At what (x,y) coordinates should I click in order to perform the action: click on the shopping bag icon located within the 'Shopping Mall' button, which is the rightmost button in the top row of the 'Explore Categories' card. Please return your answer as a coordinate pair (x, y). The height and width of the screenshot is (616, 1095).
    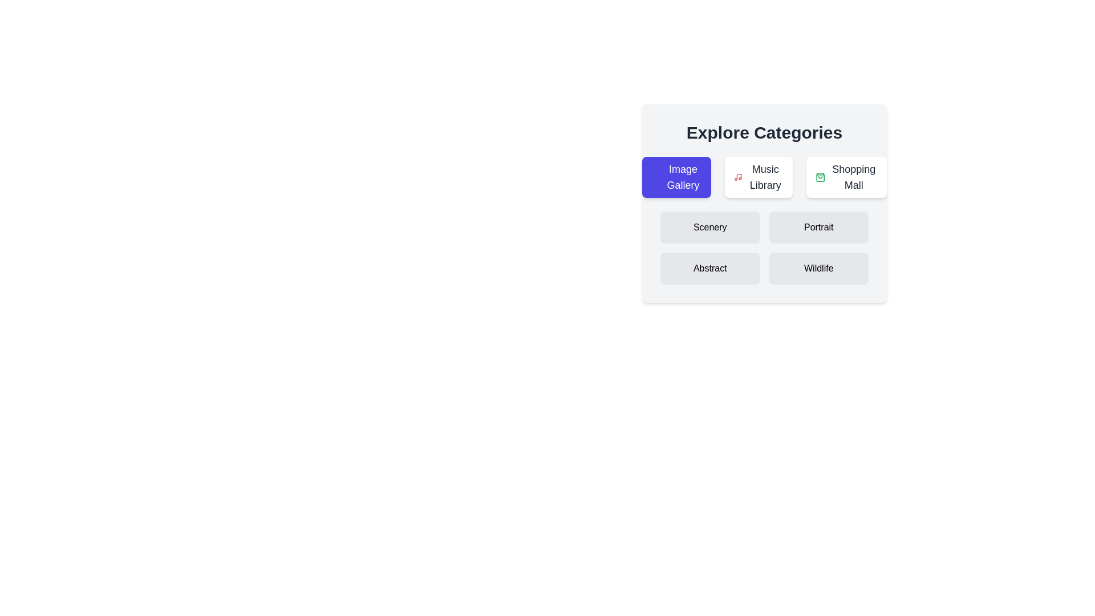
    Looking at the image, I should click on (820, 177).